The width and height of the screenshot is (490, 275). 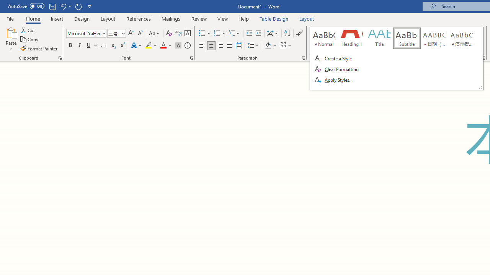 What do you see at coordinates (397, 58) in the screenshot?
I see `'Class: Net UI Tool Window'` at bounding box center [397, 58].